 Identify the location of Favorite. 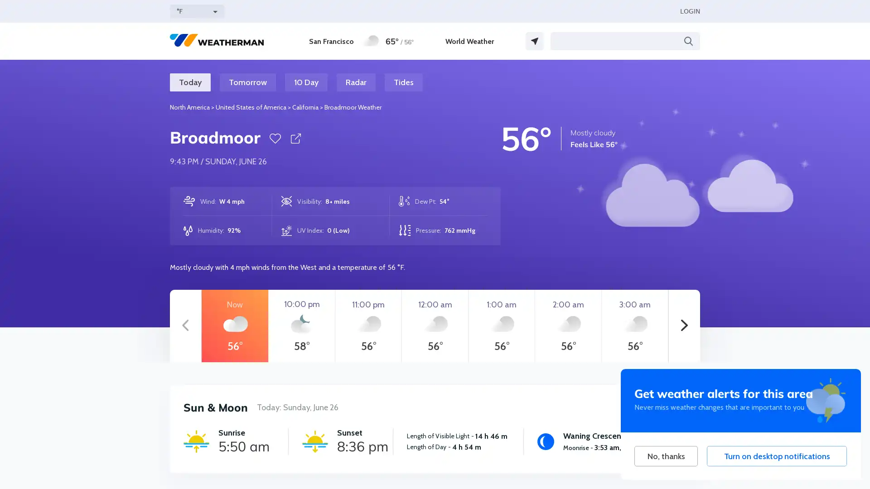
(275, 138).